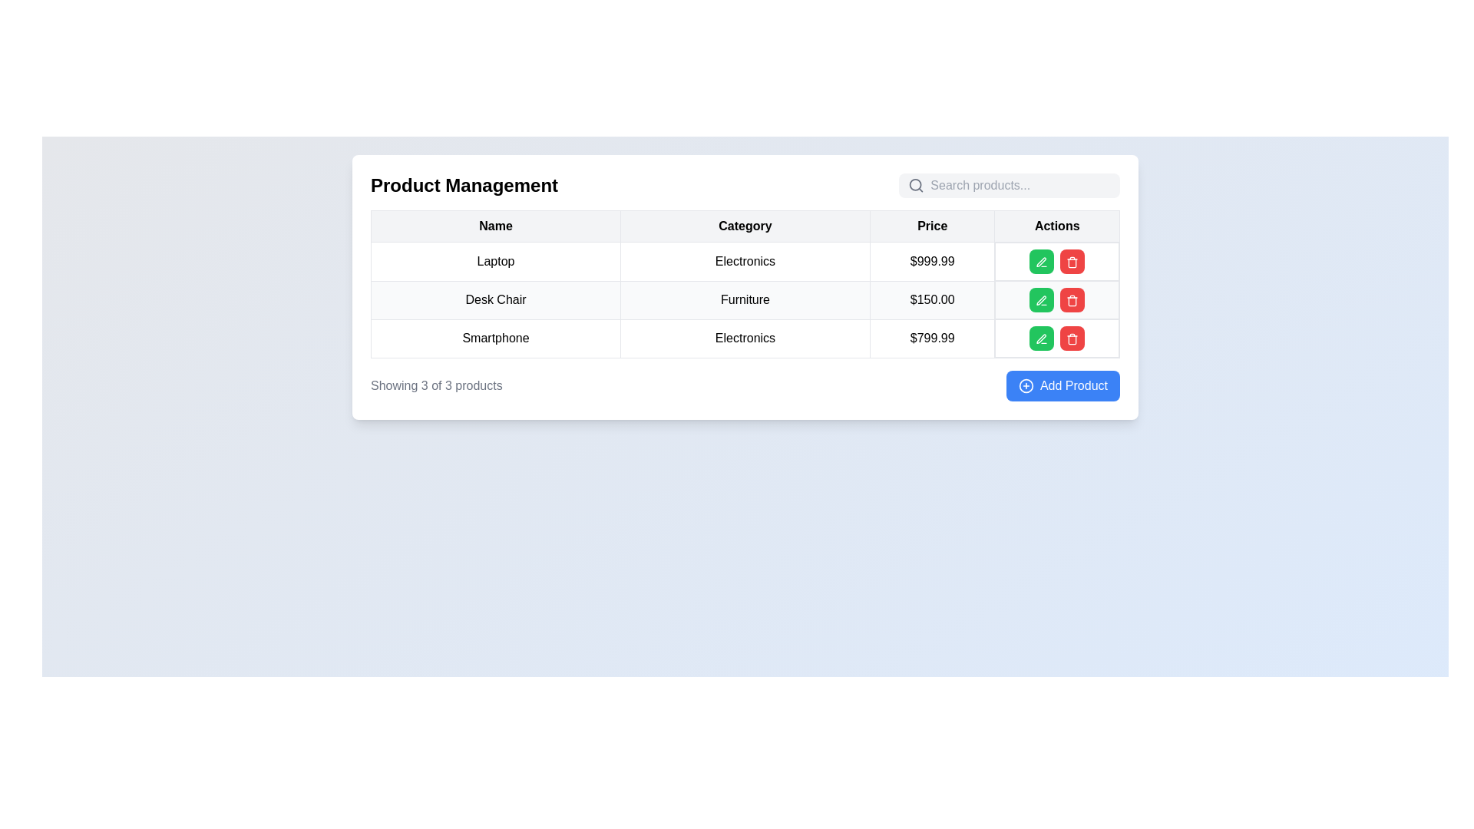 This screenshot has width=1474, height=829. I want to click on the red delete button icon located in the 'Actions' column of the third row of the table to initiate a delete action, so click(1072, 261).